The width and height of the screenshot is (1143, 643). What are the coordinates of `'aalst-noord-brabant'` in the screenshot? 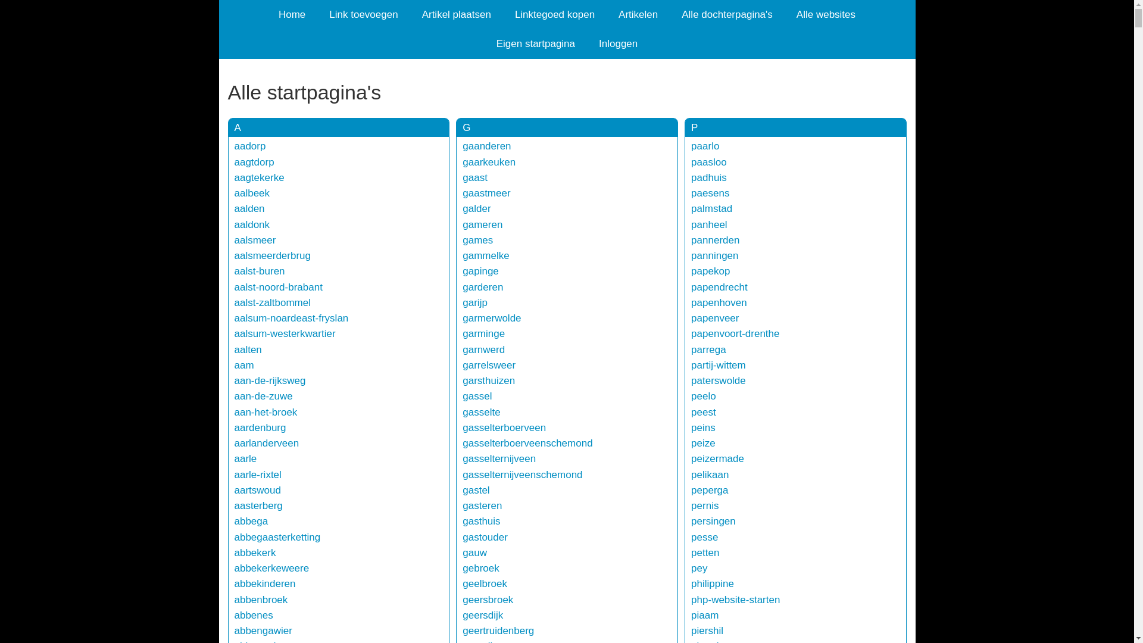 It's located at (277, 287).